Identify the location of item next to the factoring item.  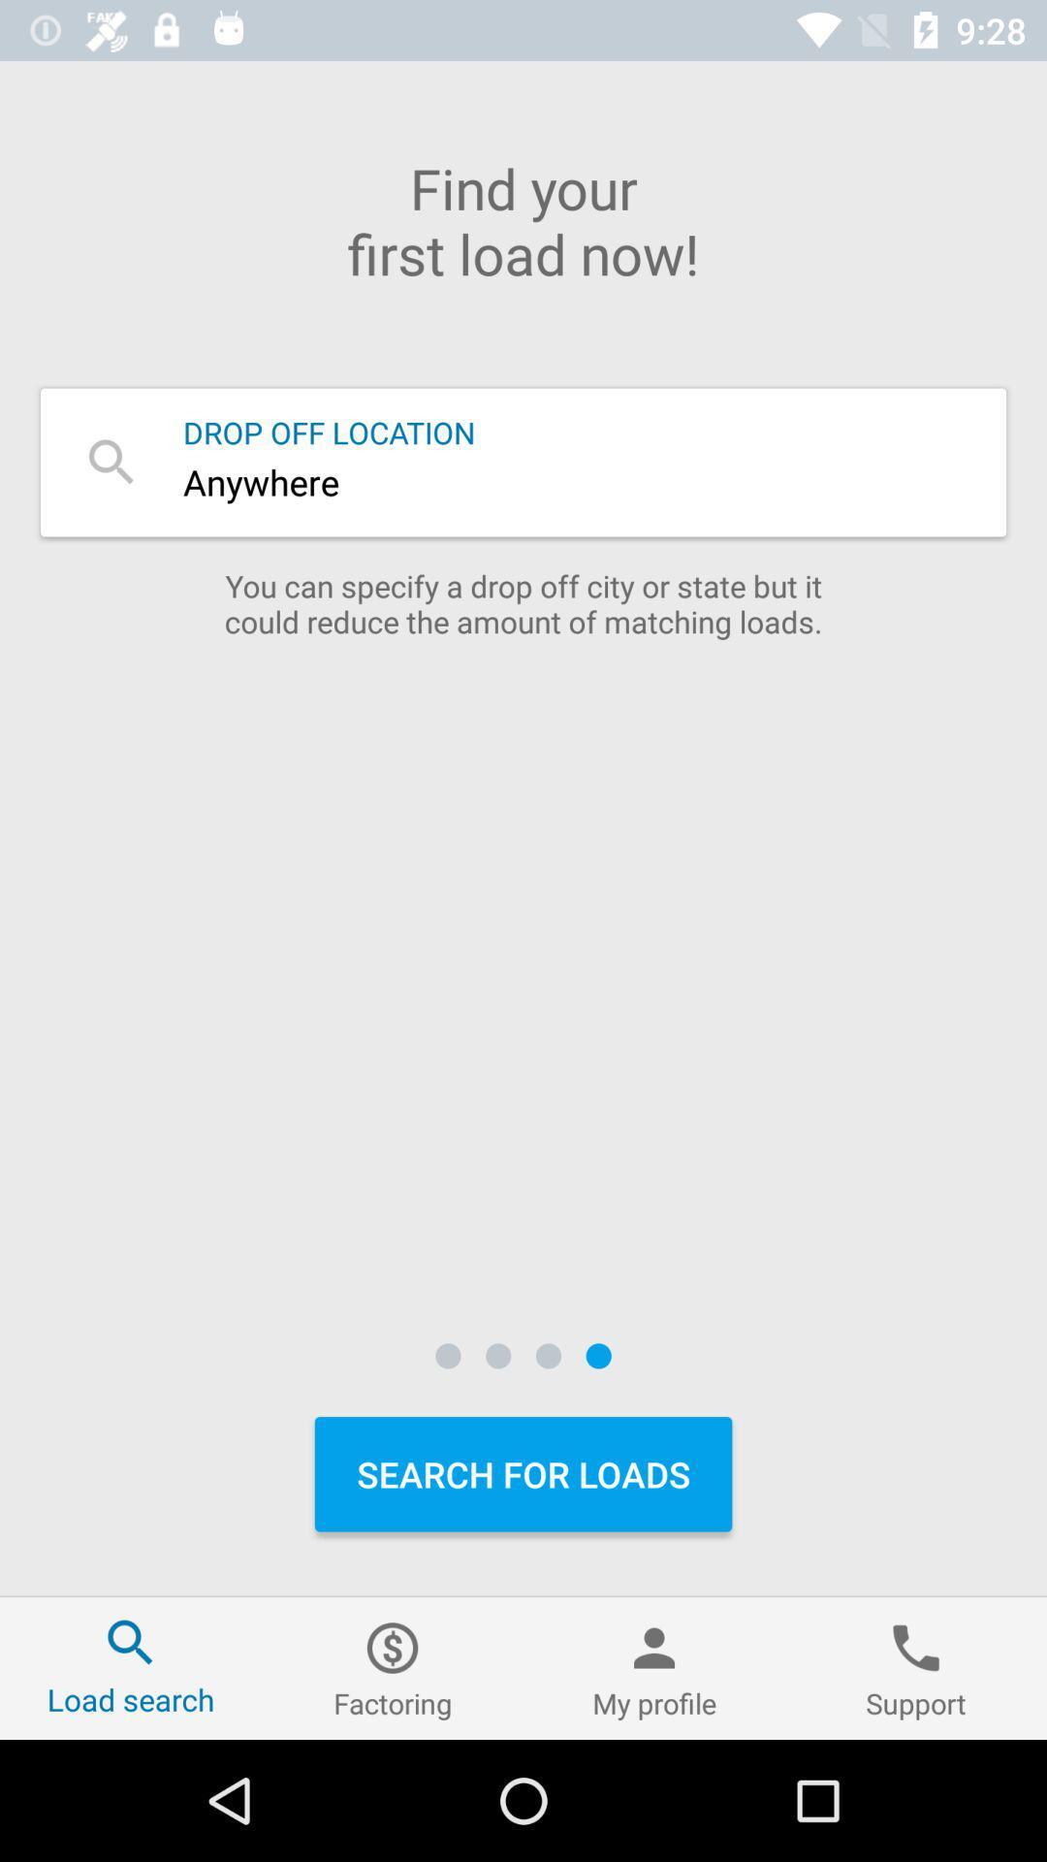
(654, 1667).